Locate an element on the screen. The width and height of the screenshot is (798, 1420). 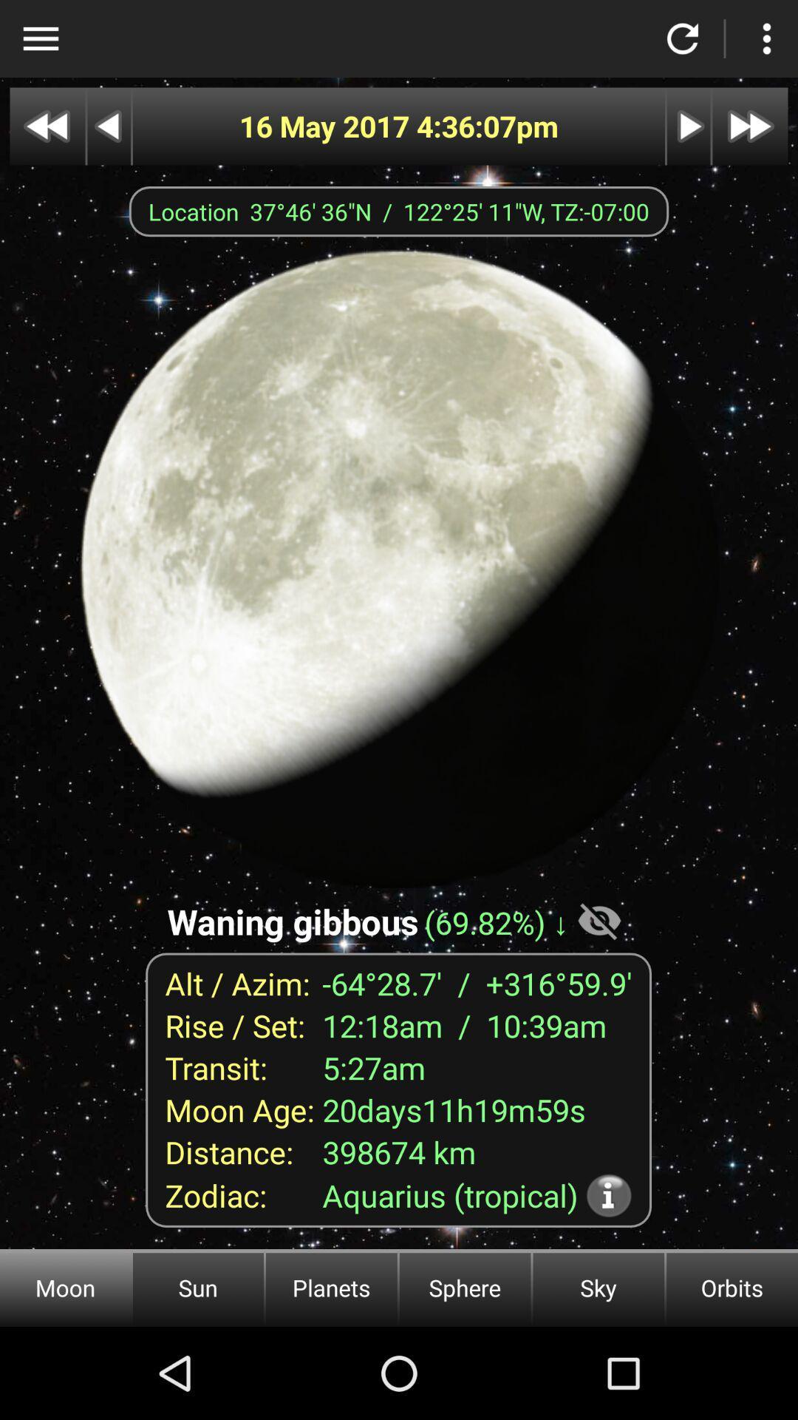
the refresh icon is located at coordinates (683, 38).